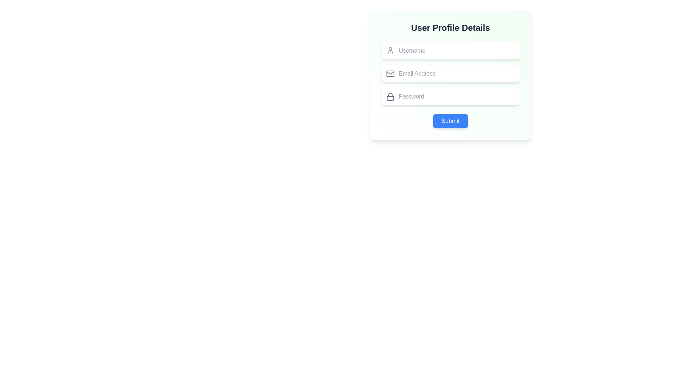 The width and height of the screenshot is (689, 387). What do you see at coordinates (390, 97) in the screenshot?
I see `the gray lock icon with a rounded outline located to the left of the 'Password' input field in the 'User Profile Details' form` at bounding box center [390, 97].